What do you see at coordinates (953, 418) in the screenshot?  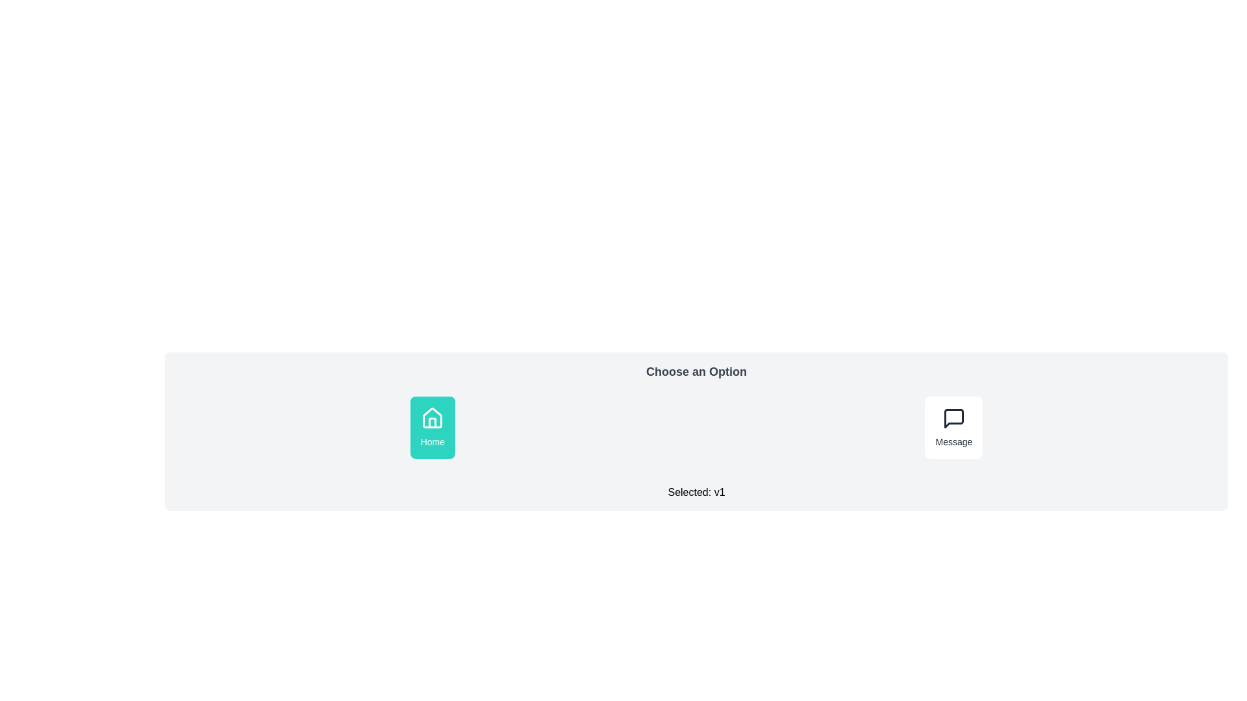 I see `the speech bubble icon located at the top center of the 'Message' tile, which has a thin black outline and is visually distinct within the interface layout` at bounding box center [953, 418].